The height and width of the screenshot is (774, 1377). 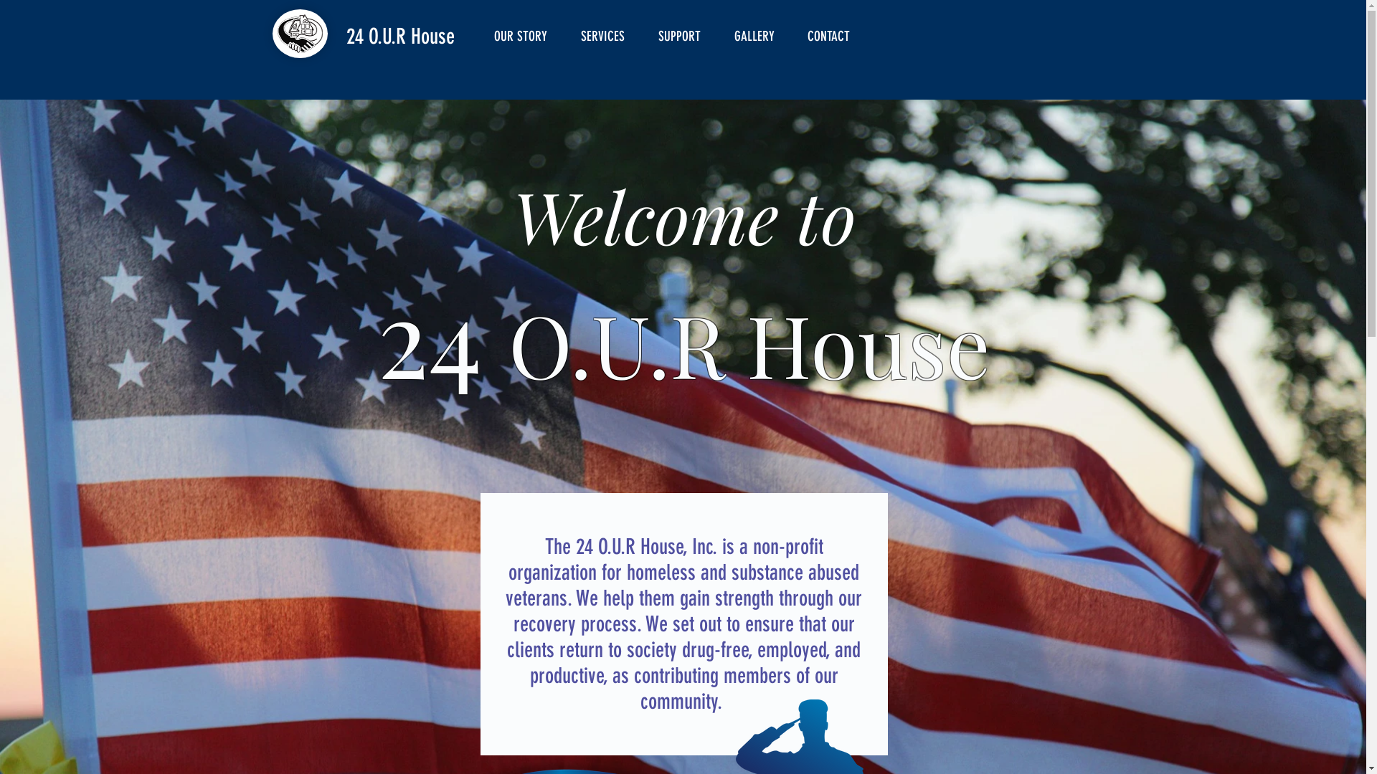 I want to click on 'OUR STORY', so click(x=526, y=35).